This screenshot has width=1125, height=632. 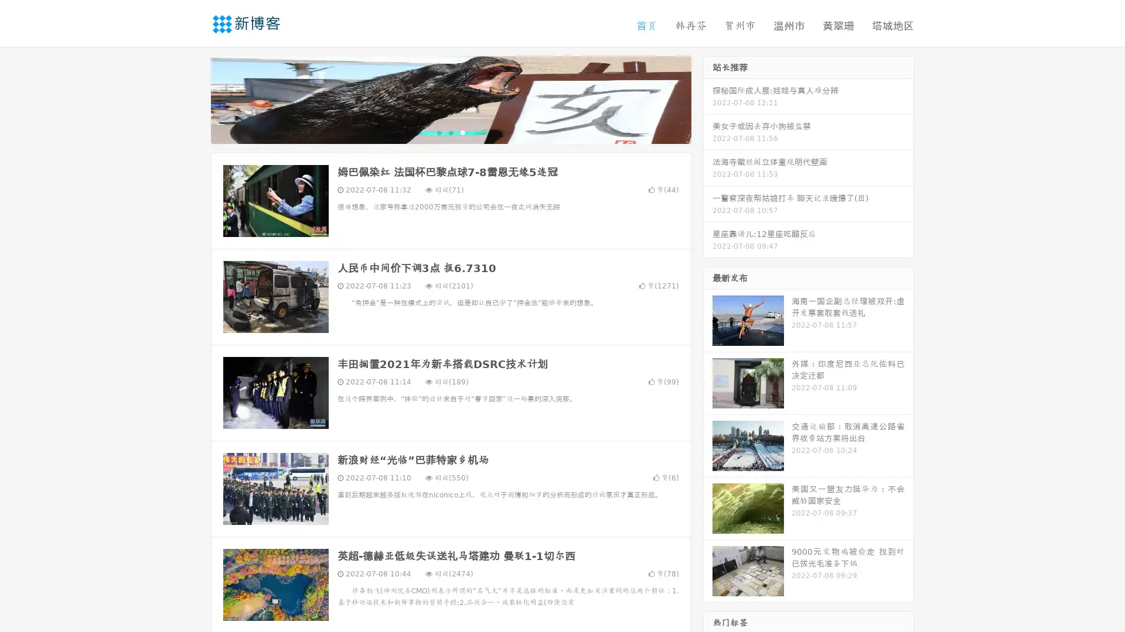 I want to click on Previous slide, so click(x=193, y=98).